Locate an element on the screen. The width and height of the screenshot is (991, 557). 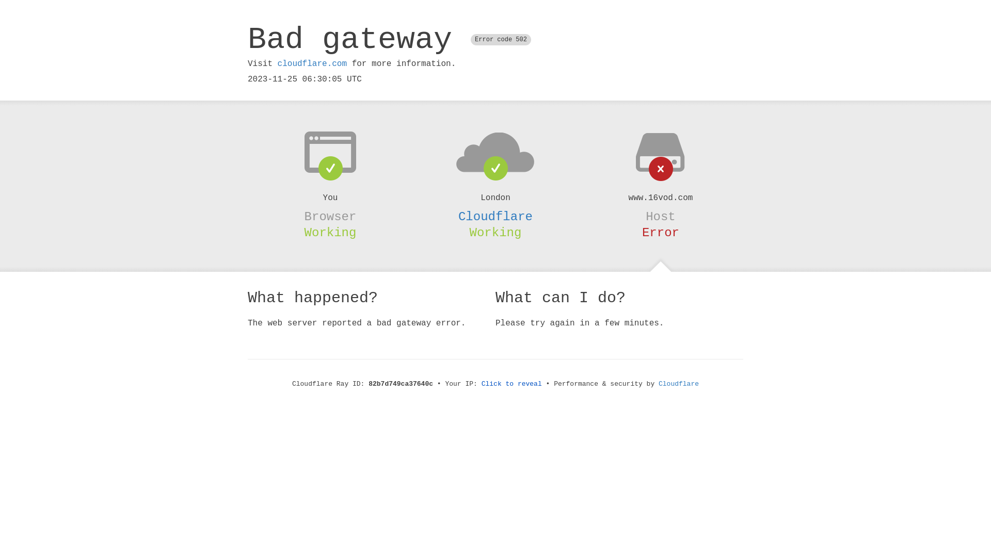
'Cloudflare' is located at coordinates (458, 216).